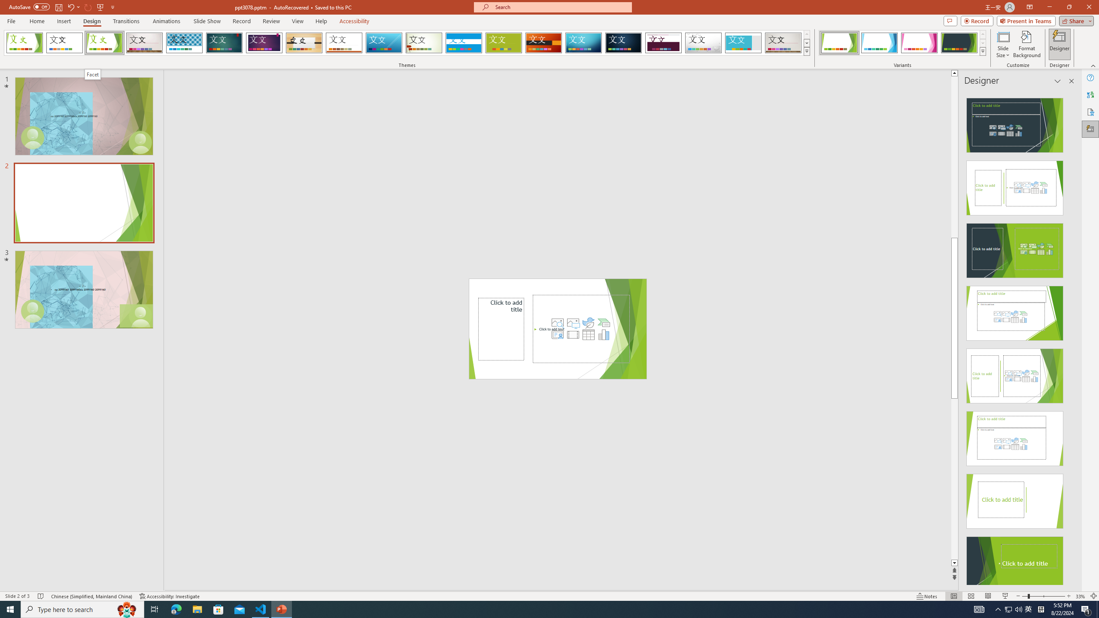  Describe the element at coordinates (464, 42) in the screenshot. I see `'Banded'` at that location.